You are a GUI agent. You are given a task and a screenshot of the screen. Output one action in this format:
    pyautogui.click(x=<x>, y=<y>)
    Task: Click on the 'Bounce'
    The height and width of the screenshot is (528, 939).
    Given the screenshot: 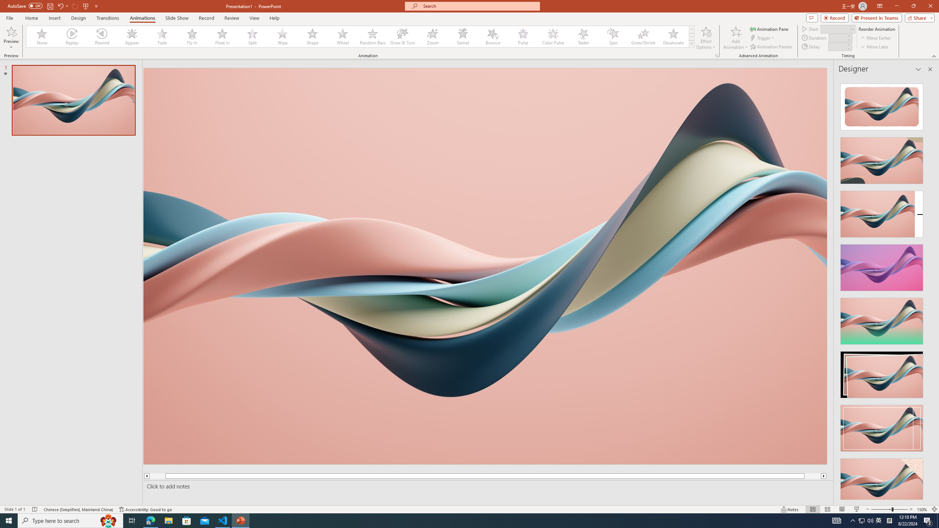 What is the action you would take?
    pyautogui.click(x=493, y=36)
    